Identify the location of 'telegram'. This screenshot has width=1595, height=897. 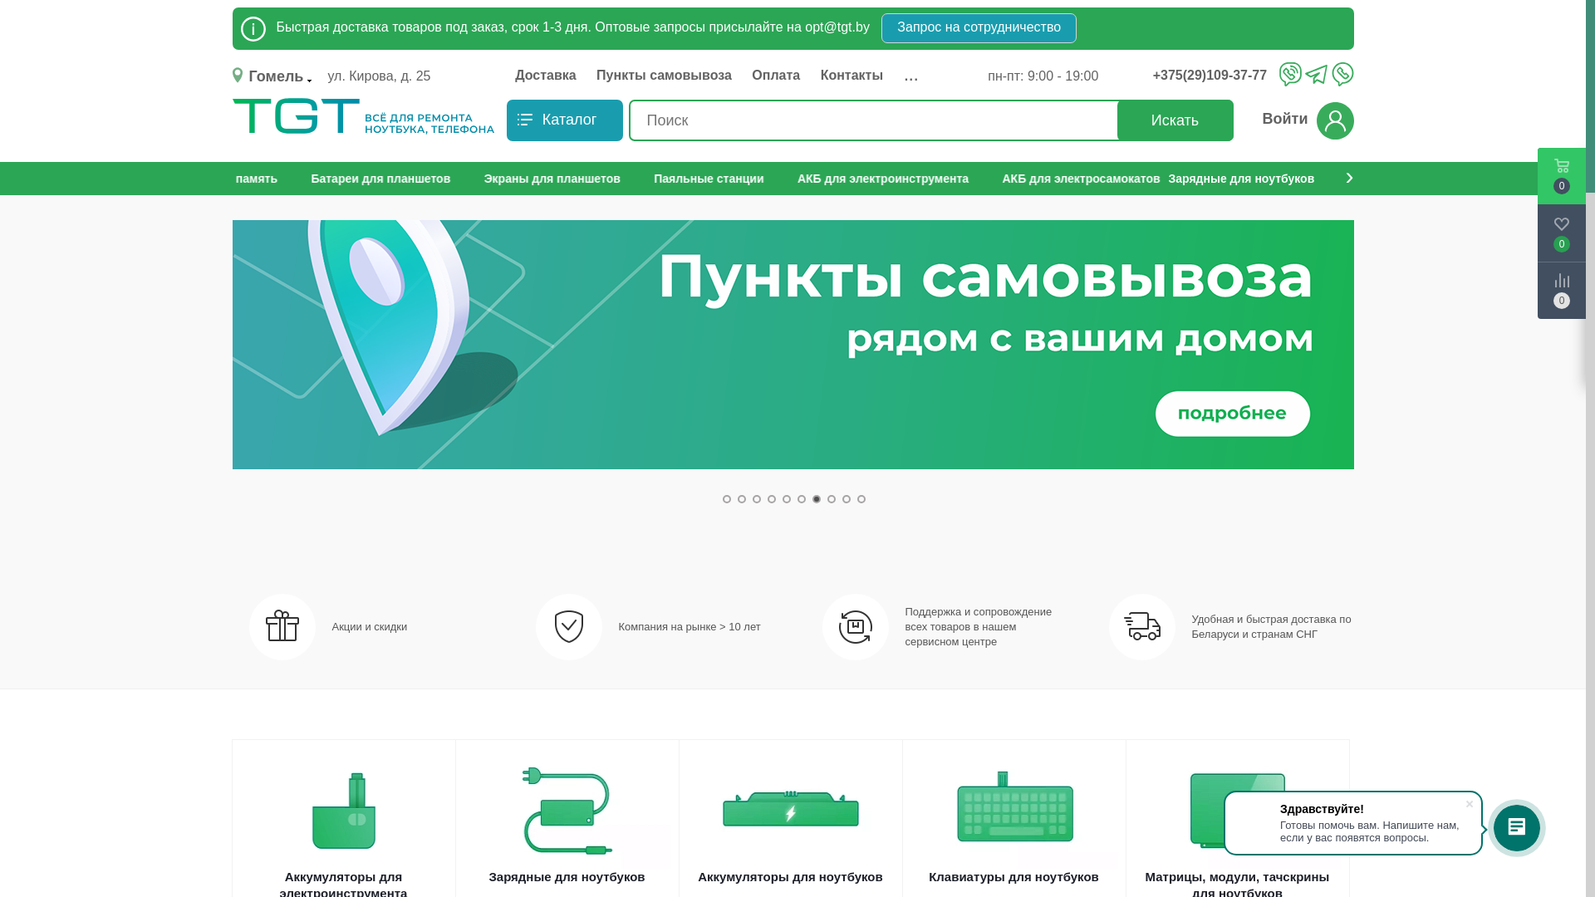
(1315, 76).